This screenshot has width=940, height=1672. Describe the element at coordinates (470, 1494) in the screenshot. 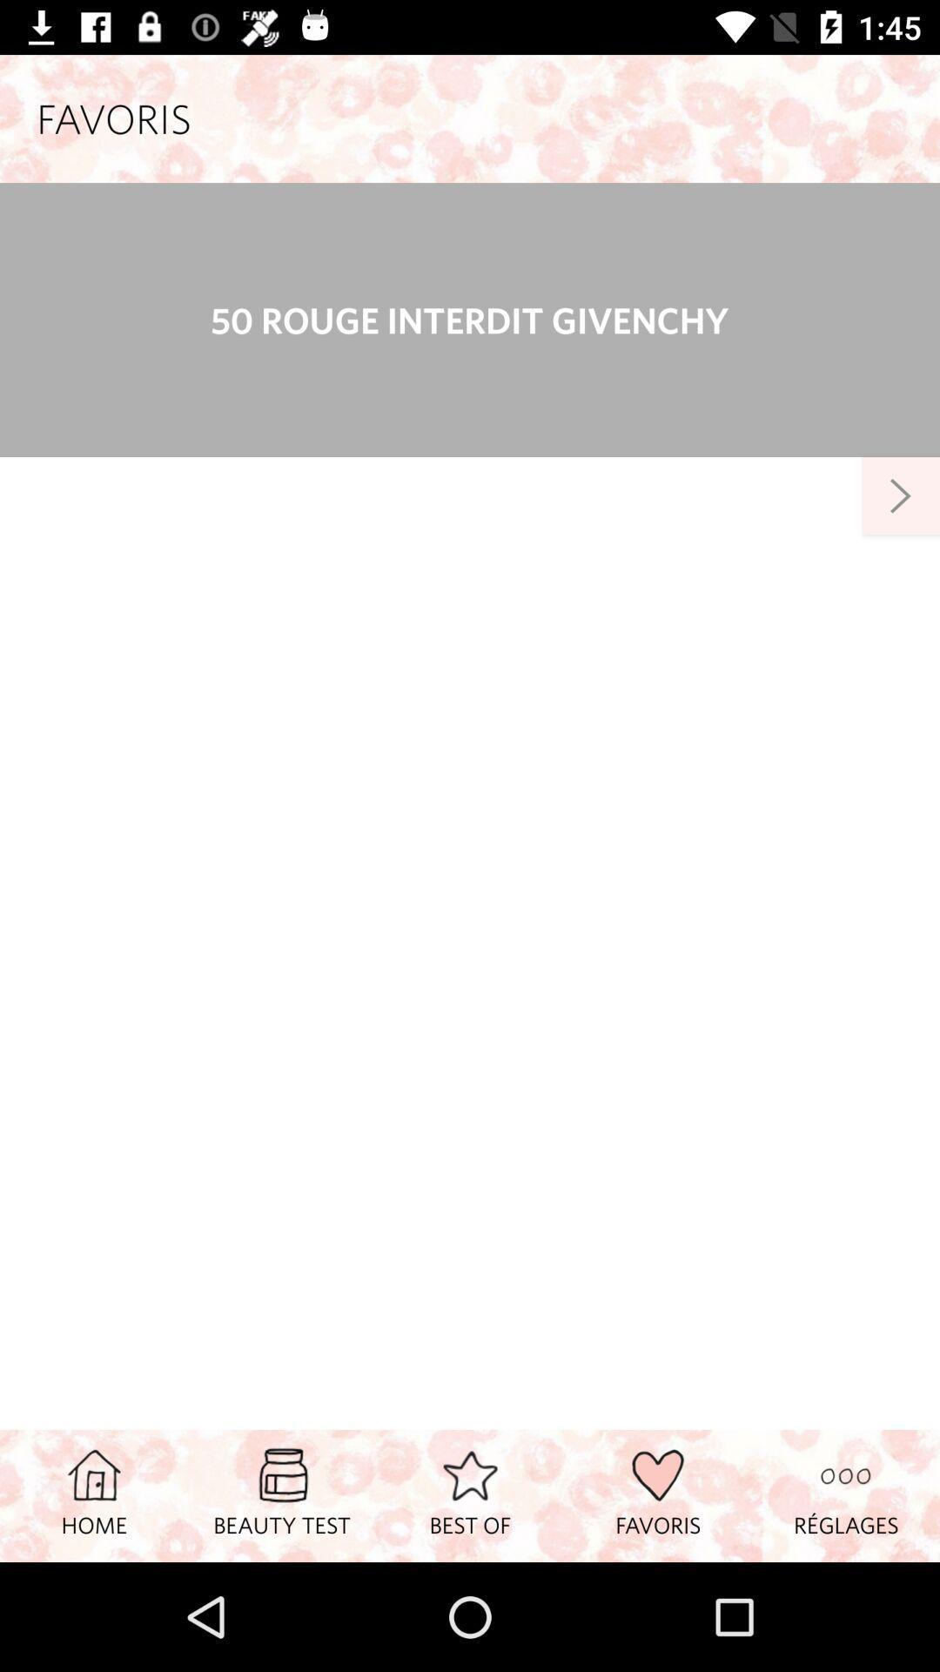

I see `best of item` at that location.